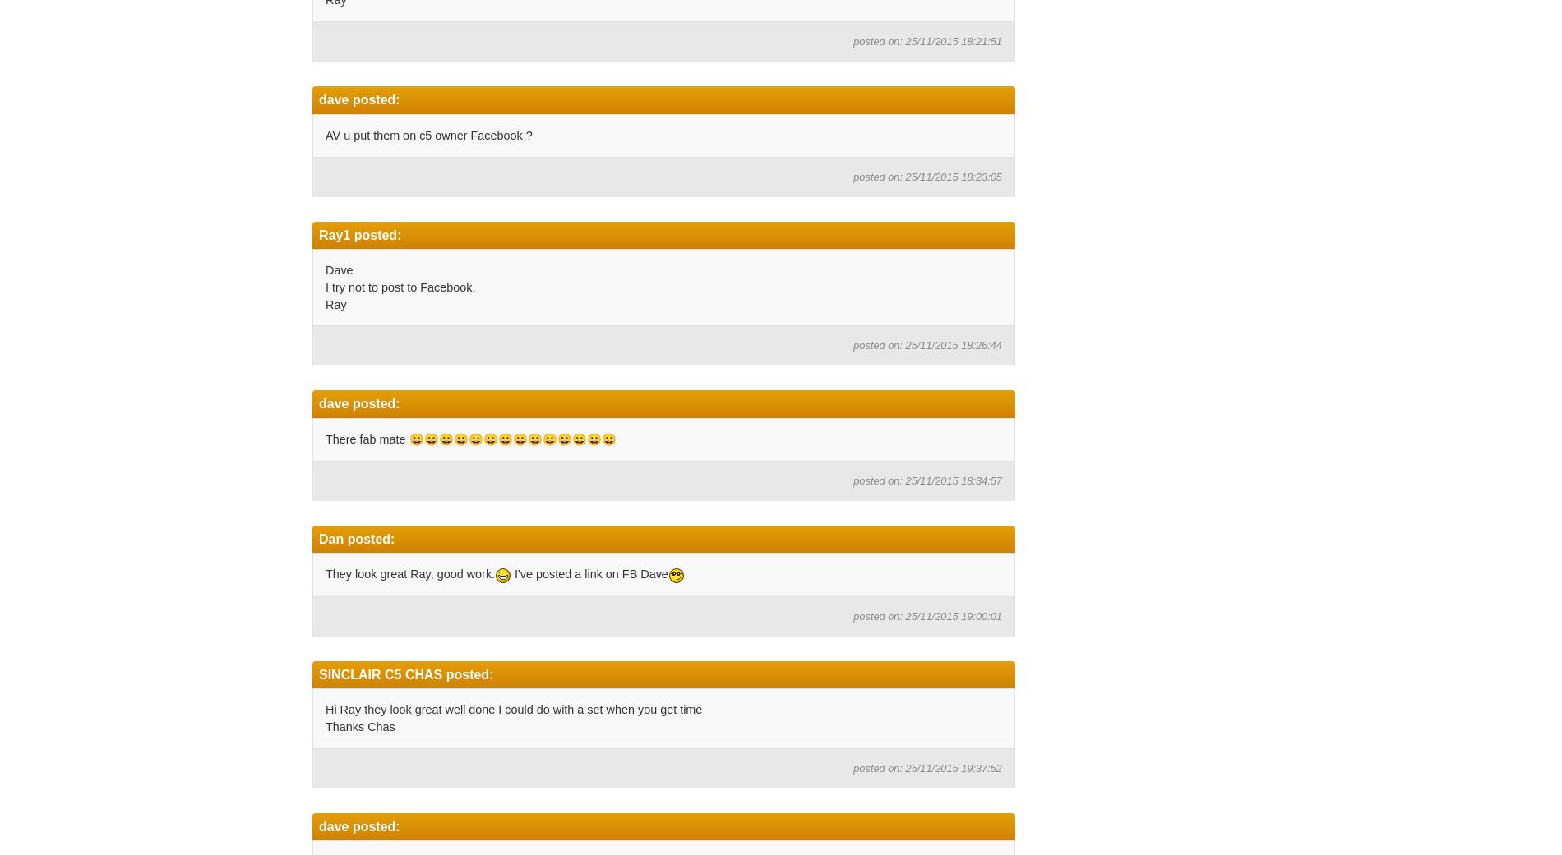 This screenshot has width=1562, height=855. What do you see at coordinates (355, 537) in the screenshot?
I see `'Dan posted:'` at bounding box center [355, 537].